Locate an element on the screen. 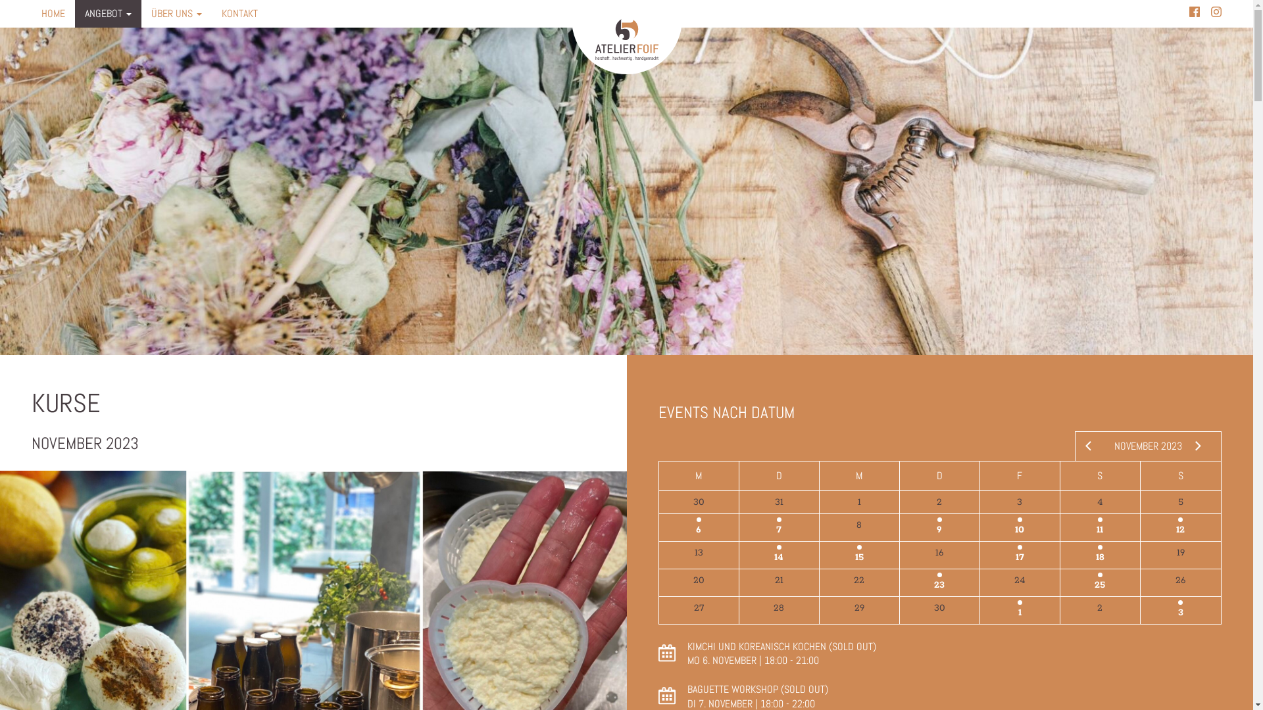 This screenshot has width=1263, height=710. '1 VERANSTALTUNG, is located at coordinates (698, 527).